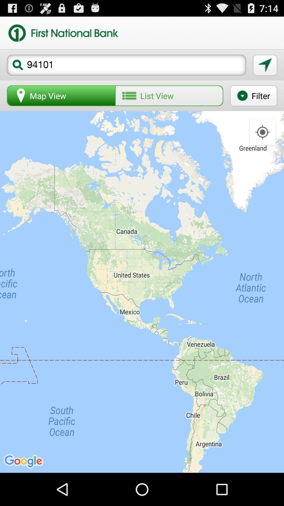 The width and height of the screenshot is (284, 506). I want to click on 94101 item, so click(126, 65).